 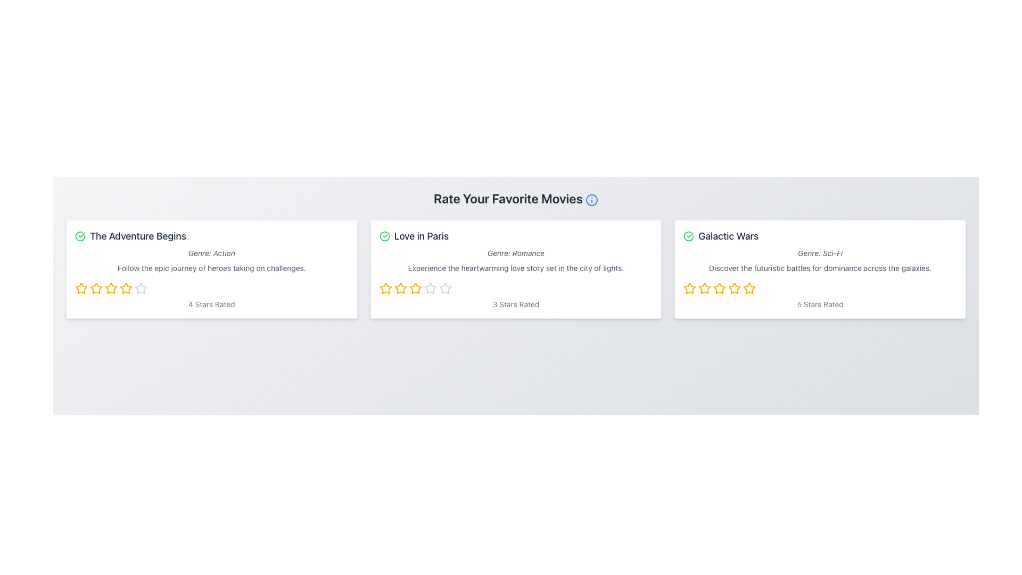 What do you see at coordinates (720, 288) in the screenshot?
I see `the highlighted star-shaped rating icon, which is the second star from the left in the row of five stars underneath the 'Galactic Wars' card in the 'Rate Your Favorite Movies' section` at bounding box center [720, 288].